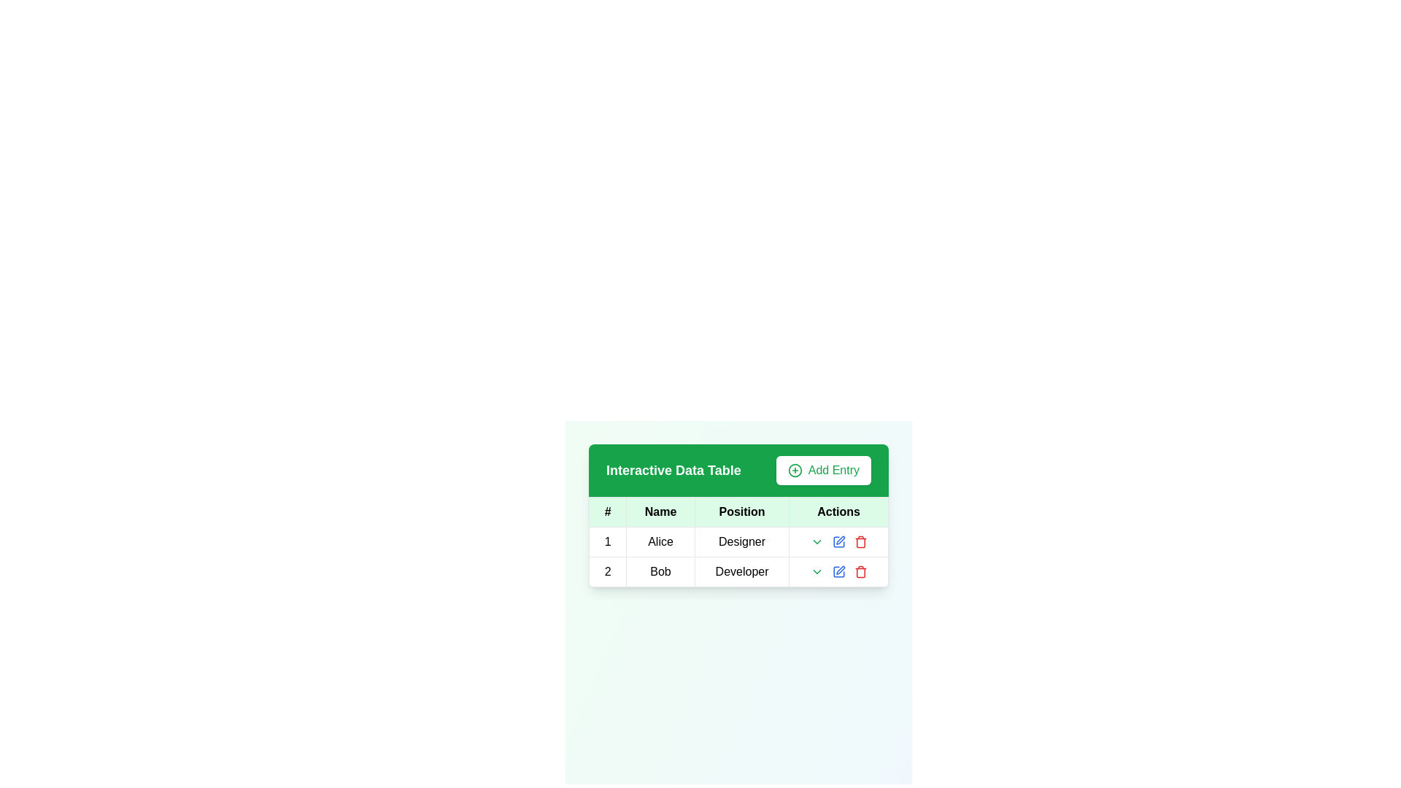 This screenshot has width=1401, height=788. What do you see at coordinates (738, 542) in the screenshot?
I see `the static text element displaying 'Designer' located in the 'Position' column of the table, adjacent to the 'Name' cell containing 'Alice'` at bounding box center [738, 542].